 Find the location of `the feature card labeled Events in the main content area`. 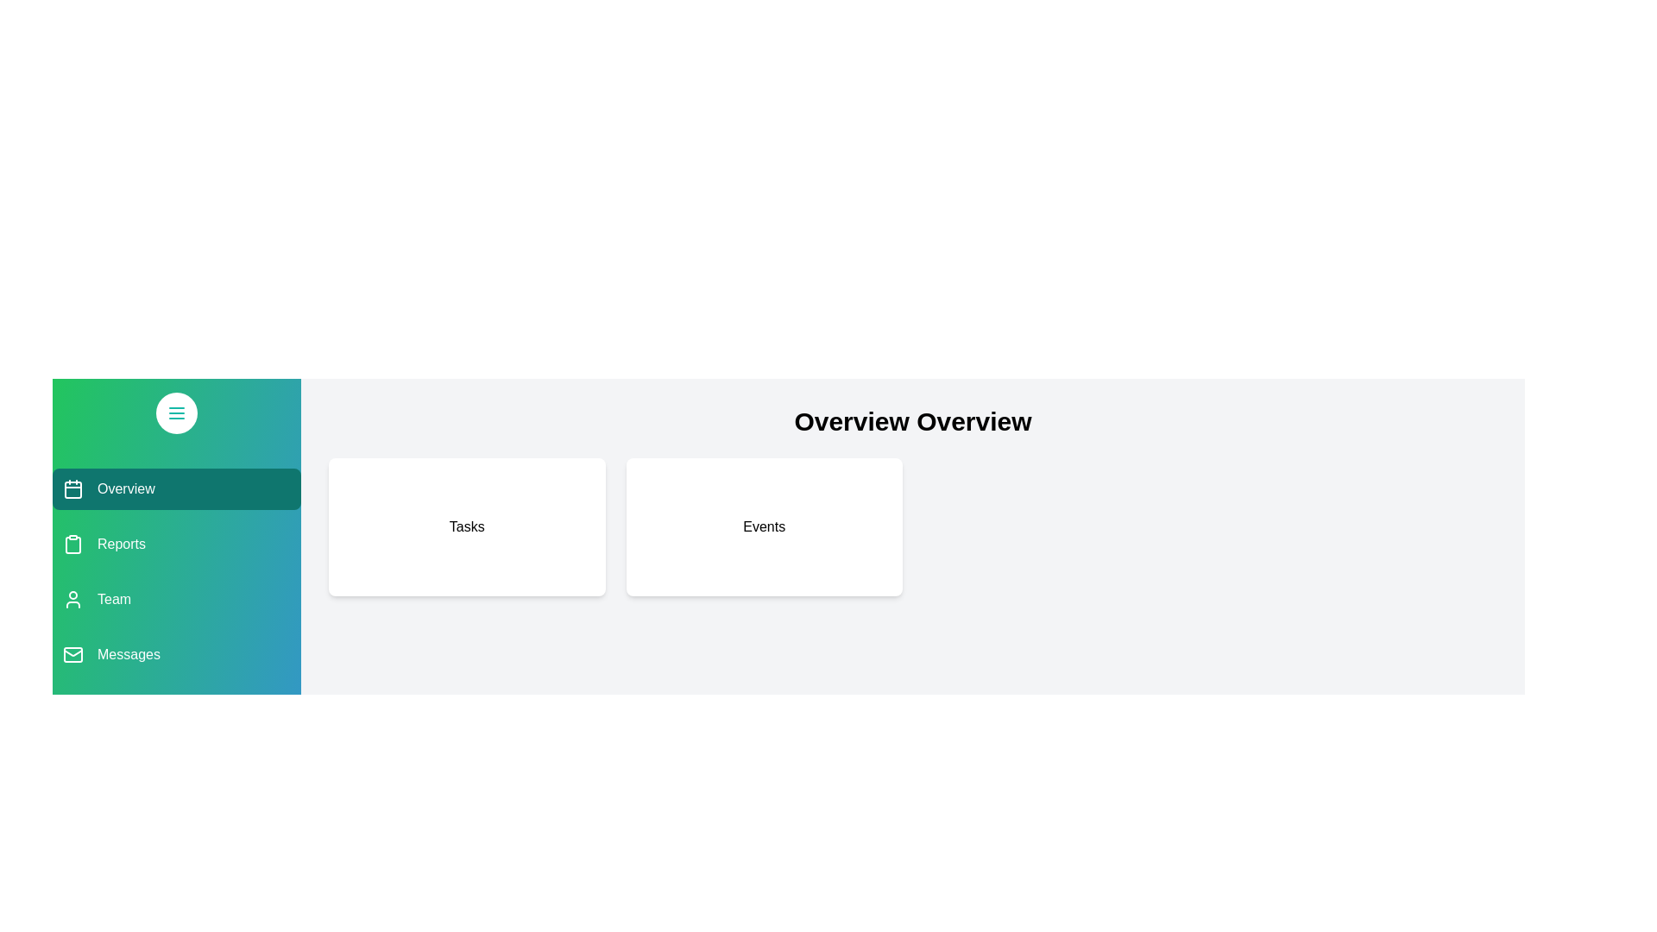

the feature card labeled Events in the main content area is located at coordinates (763, 526).